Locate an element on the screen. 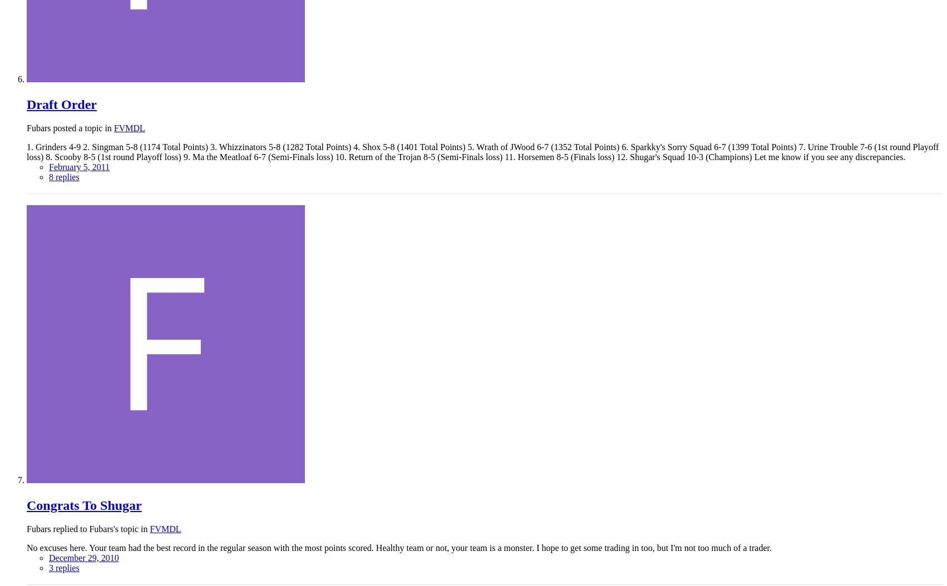 This screenshot has width=947, height=586. '1. Grinders   4-9 
2. Singman   5-8 (1174 Total Points) 
3. Whizzinators   5-8 (1282 Total Points) 
4. Shox   5-8 (1401 Total Points) 
5. Wrath of JWood   6-7 (1352 Total Points) 
6. Sparkky's Sorry Squad   6-7 (1399 Total Points) 
7. Urine Trouble   7-6 (1st round Playoff loss)  
8. Scooby   8-5 (1st round Playoff loss) 
9. Ma the Meatloaf   6-7 (Semi-Finals loss) 
10. Return of the Trojan   8-5 (Semi-Finals loss) 
11. Horsemen   8-5 (Finals loss) 
12. Shugar's Squad   10-3 (Champions) 
  
Let me know if you see any discrepancies.' is located at coordinates (482, 151).